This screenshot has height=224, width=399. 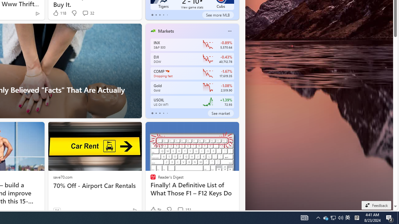 What do you see at coordinates (134, 210) in the screenshot?
I see `'Ad Choice'` at bounding box center [134, 210].